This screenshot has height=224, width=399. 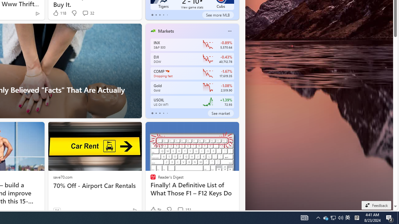 What do you see at coordinates (134, 210) in the screenshot?
I see `'Ad Choice'` at bounding box center [134, 210].